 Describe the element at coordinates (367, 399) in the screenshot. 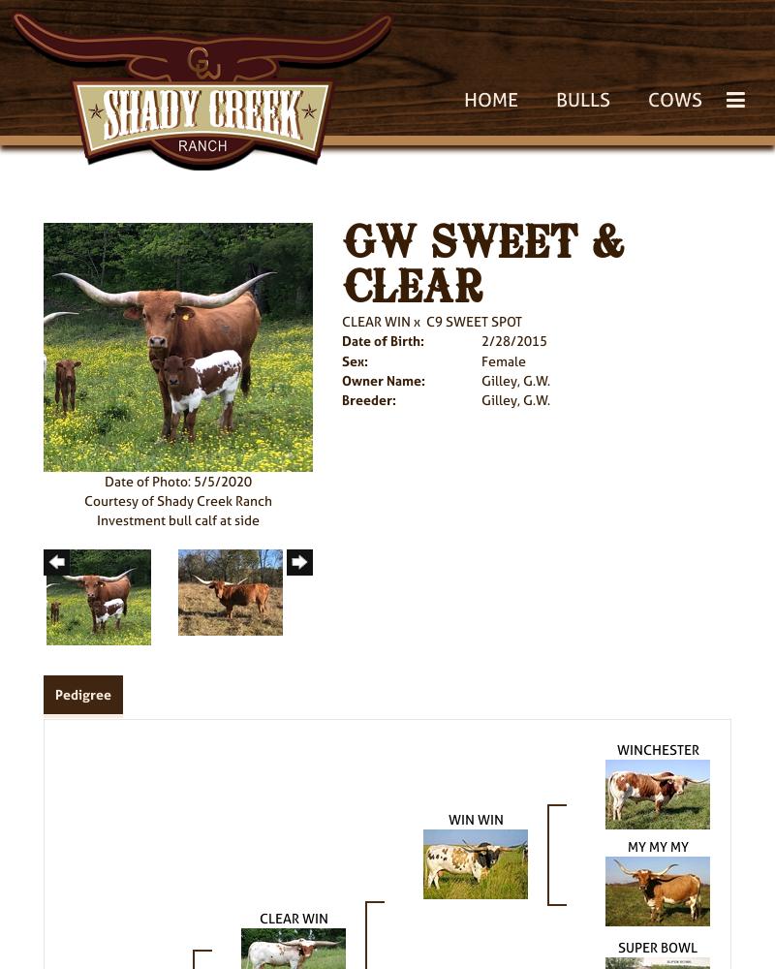

I see `'Breeder:'` at that location.